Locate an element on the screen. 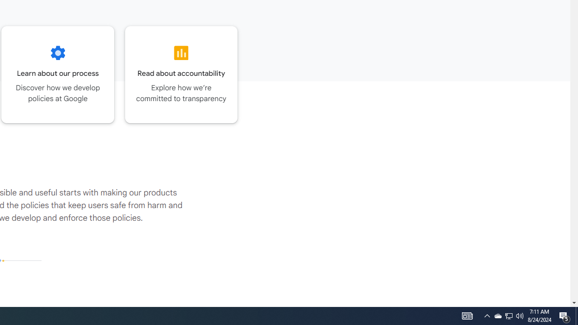 This screenshot has height=325, width=578. 'Go to the Accountability page' is located at coordinates (181, 74).